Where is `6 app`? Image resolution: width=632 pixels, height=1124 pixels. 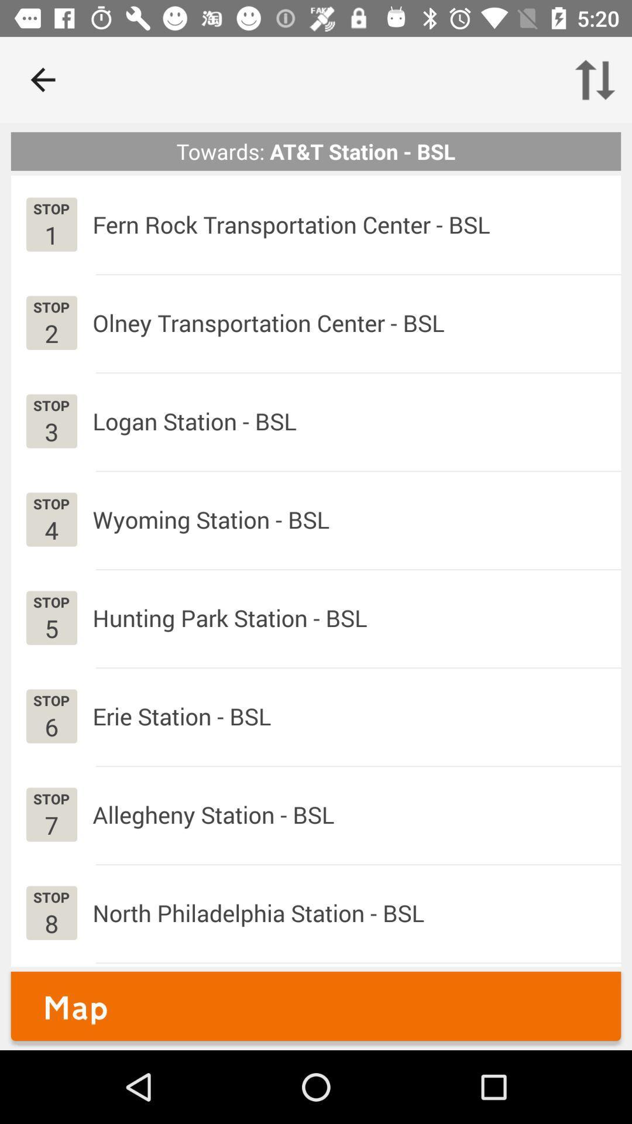 6 app is located at coordinates (51, 726).